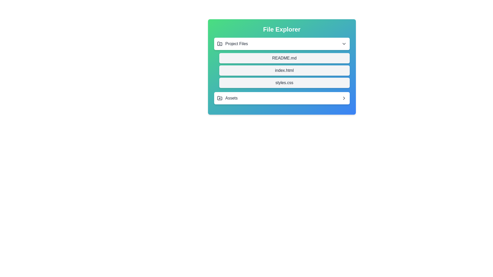 The width and height of the screenshot is (493, 277). What do you see at coordinates (281, 71) in the screenshot?
I see `the selectable list item labeled 'index.html' within the 'Project Files' section of the File Explorer UI` at bounding box center [281, 71].